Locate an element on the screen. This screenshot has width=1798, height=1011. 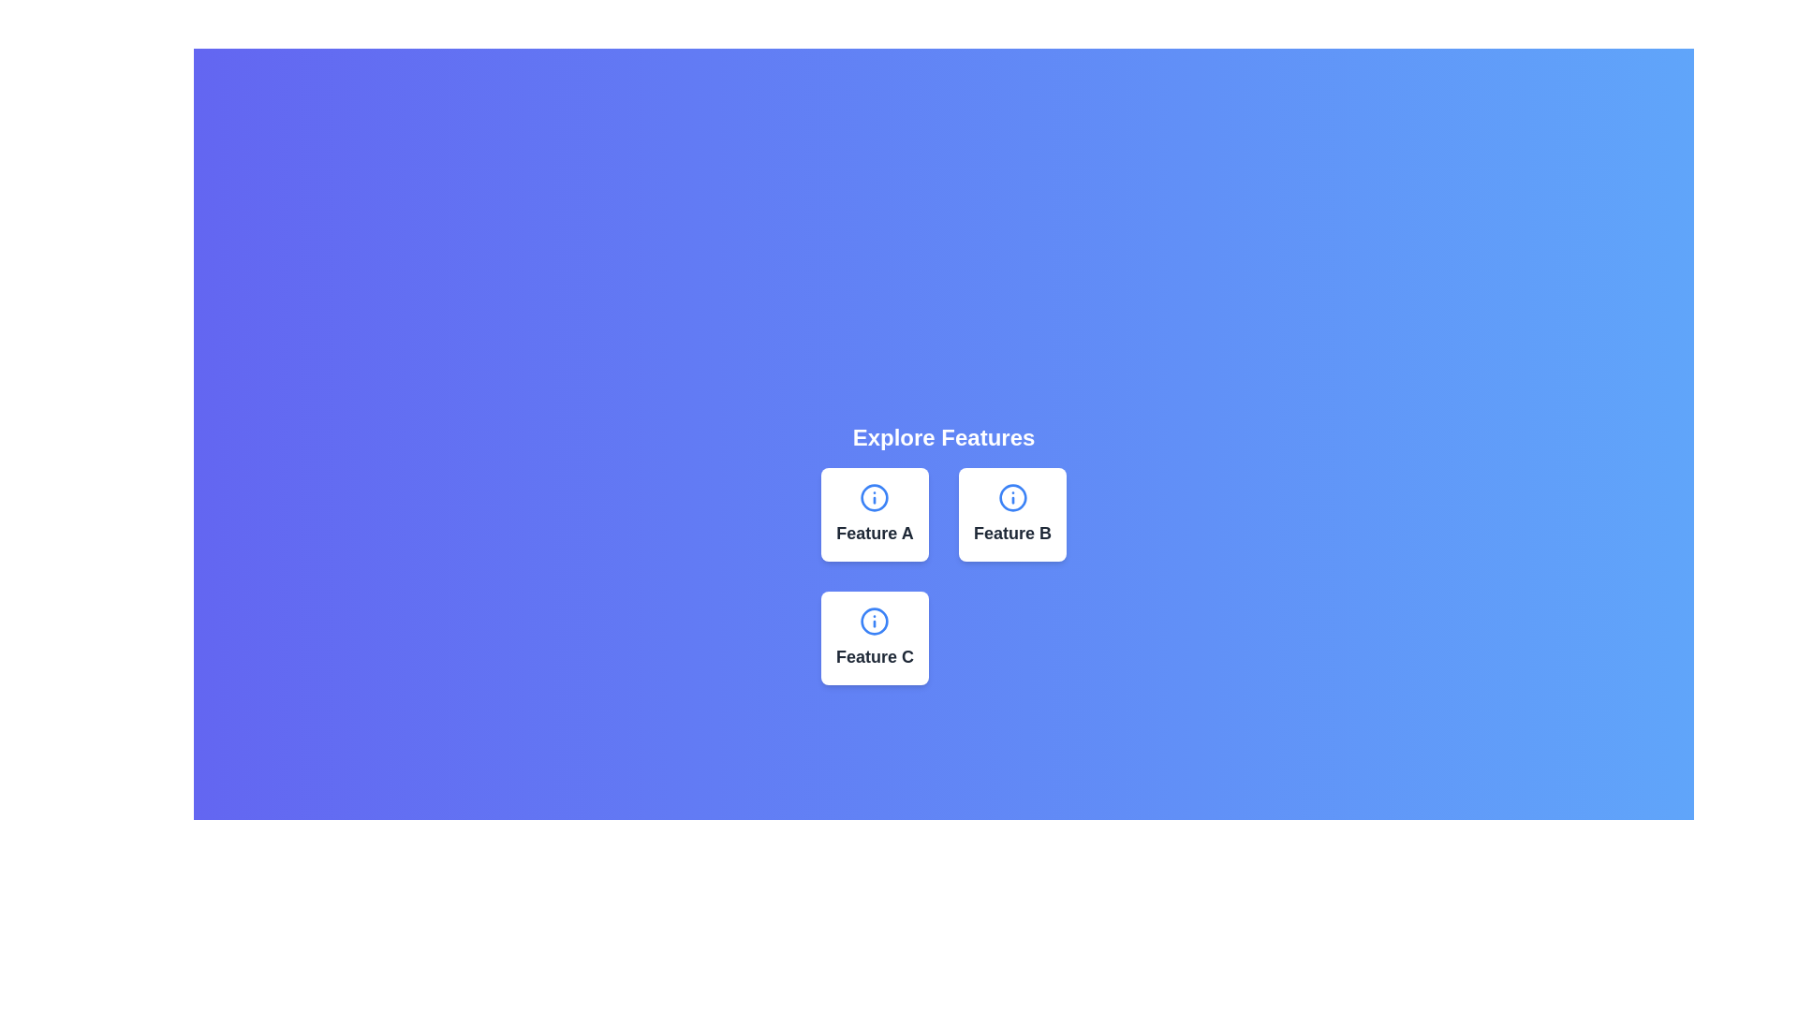
the third card in the 'Explore Features' grid, which has a white background and contains a blue circular info icon and the text 'Feature C' is located at coordinates (874, 637).